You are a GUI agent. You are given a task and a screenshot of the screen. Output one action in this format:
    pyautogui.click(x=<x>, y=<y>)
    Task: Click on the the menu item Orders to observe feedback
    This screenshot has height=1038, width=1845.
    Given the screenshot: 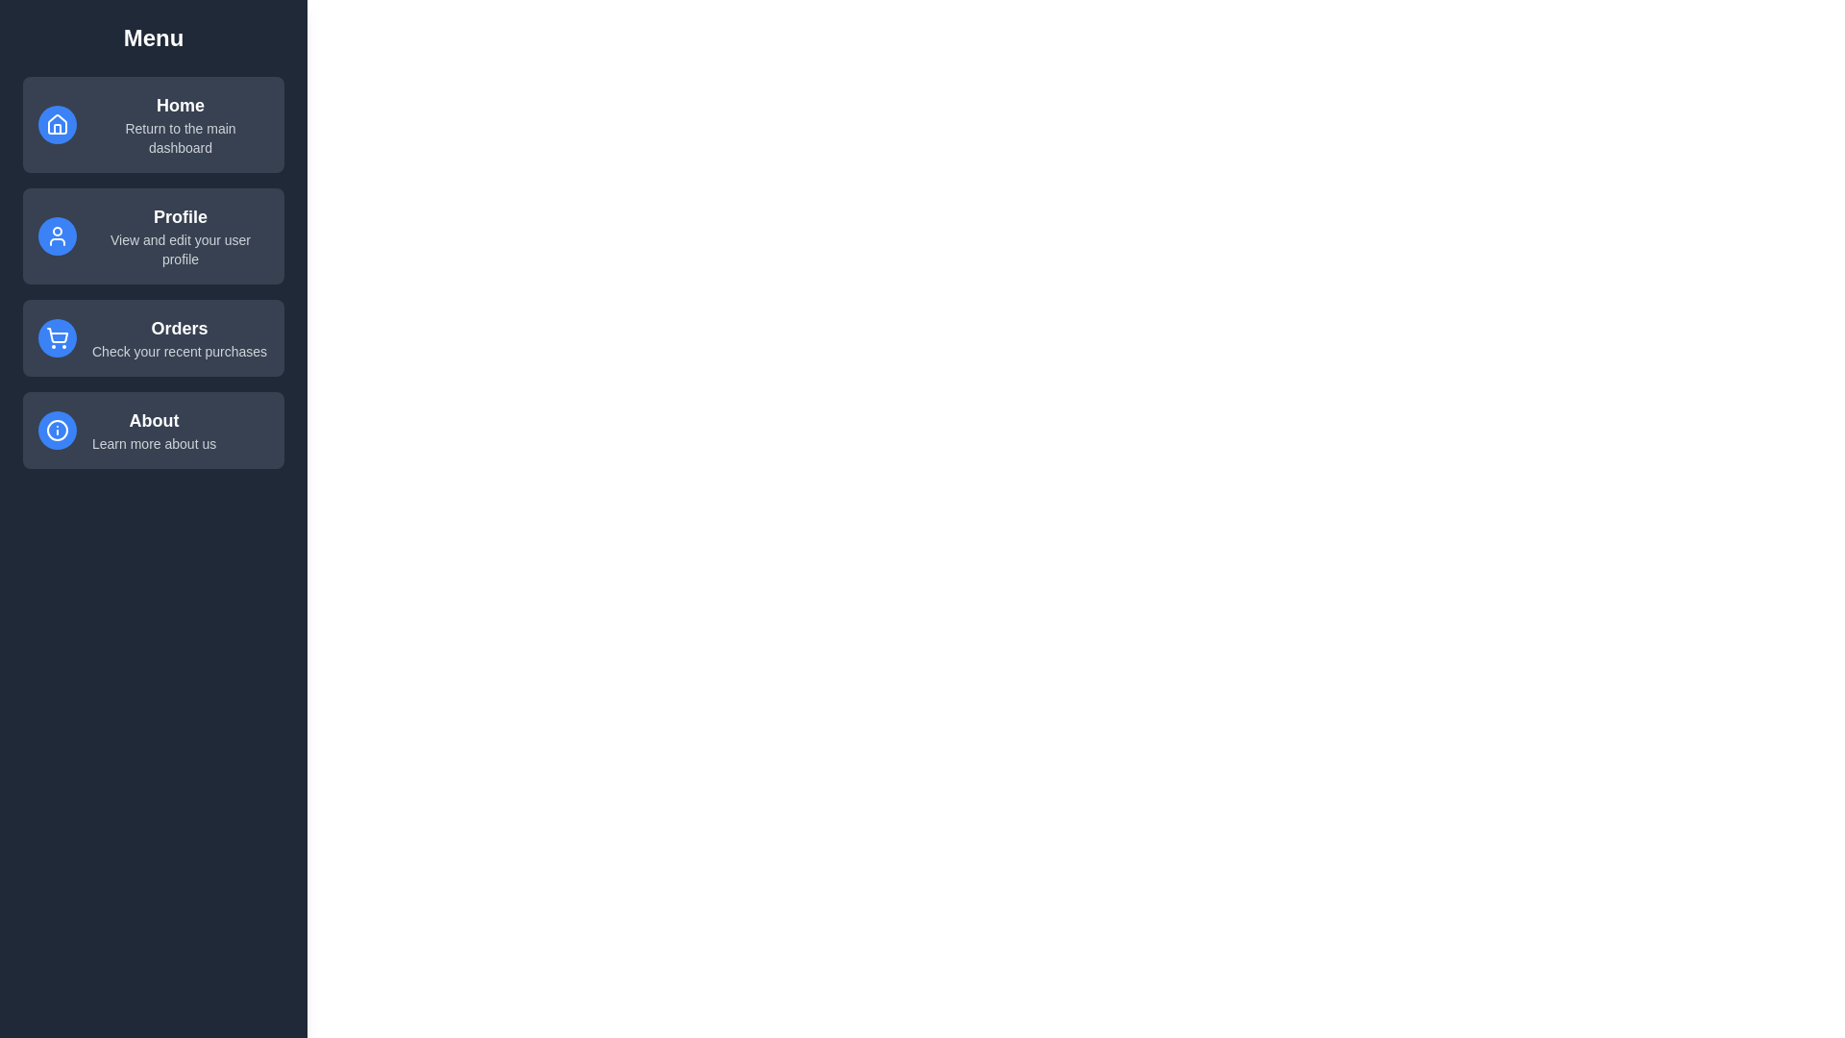 What is the action you would take?
    pyautogui.click(x=152, y=336)
    